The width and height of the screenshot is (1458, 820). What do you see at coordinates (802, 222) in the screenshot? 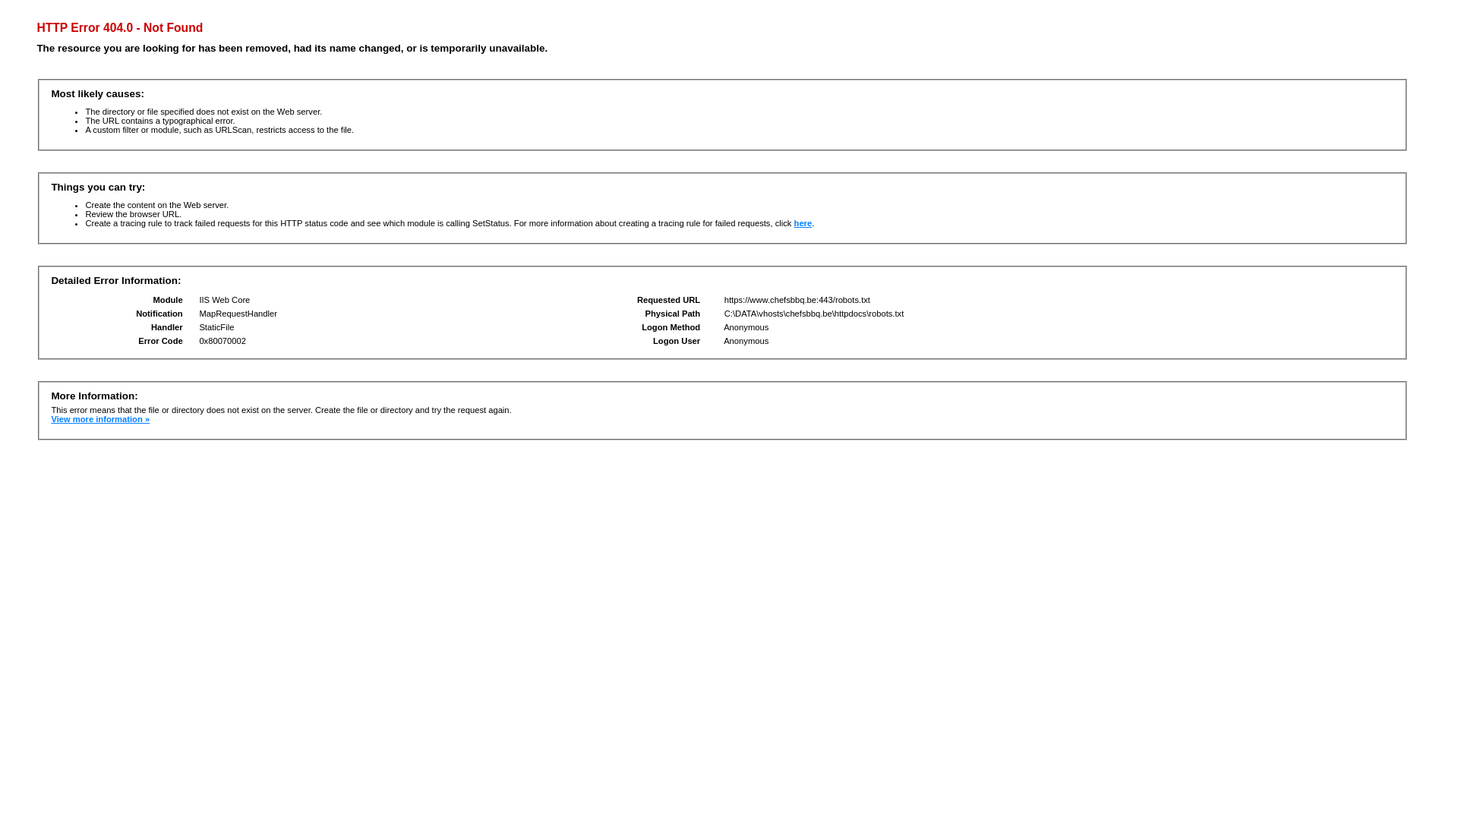
I see `'here'` at bounding box center [802, 222].